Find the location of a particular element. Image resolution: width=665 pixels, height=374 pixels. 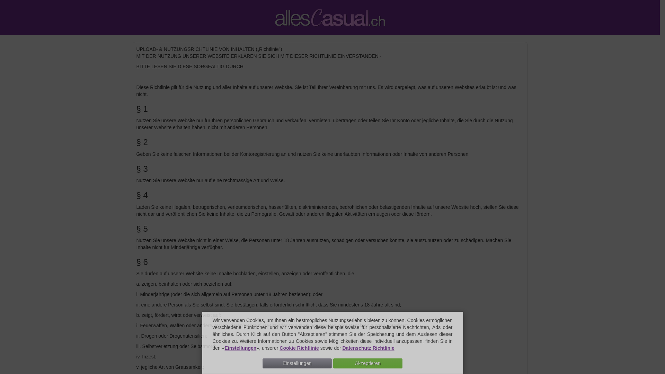

'Einstellungen' is located at coordinates (241, 348).